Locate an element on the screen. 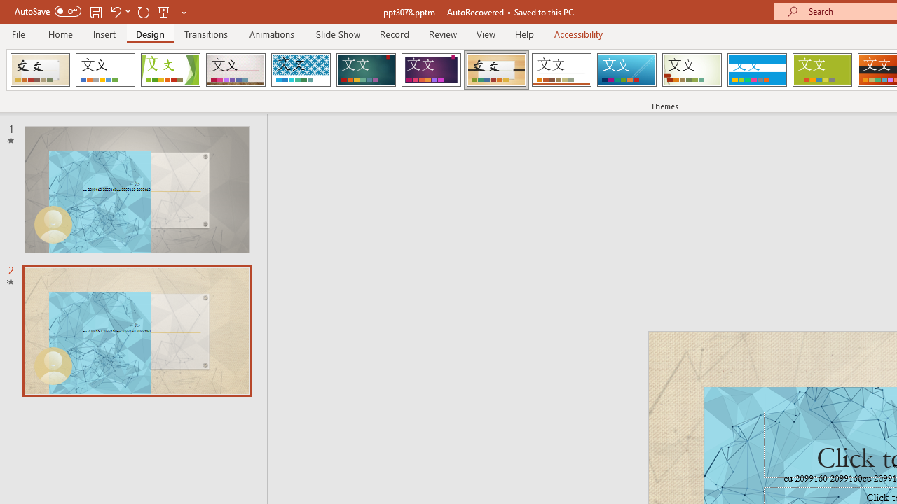 The width and height of the screenshot is (897, 504). 'Wisp' is located at coordinates (692, 70).